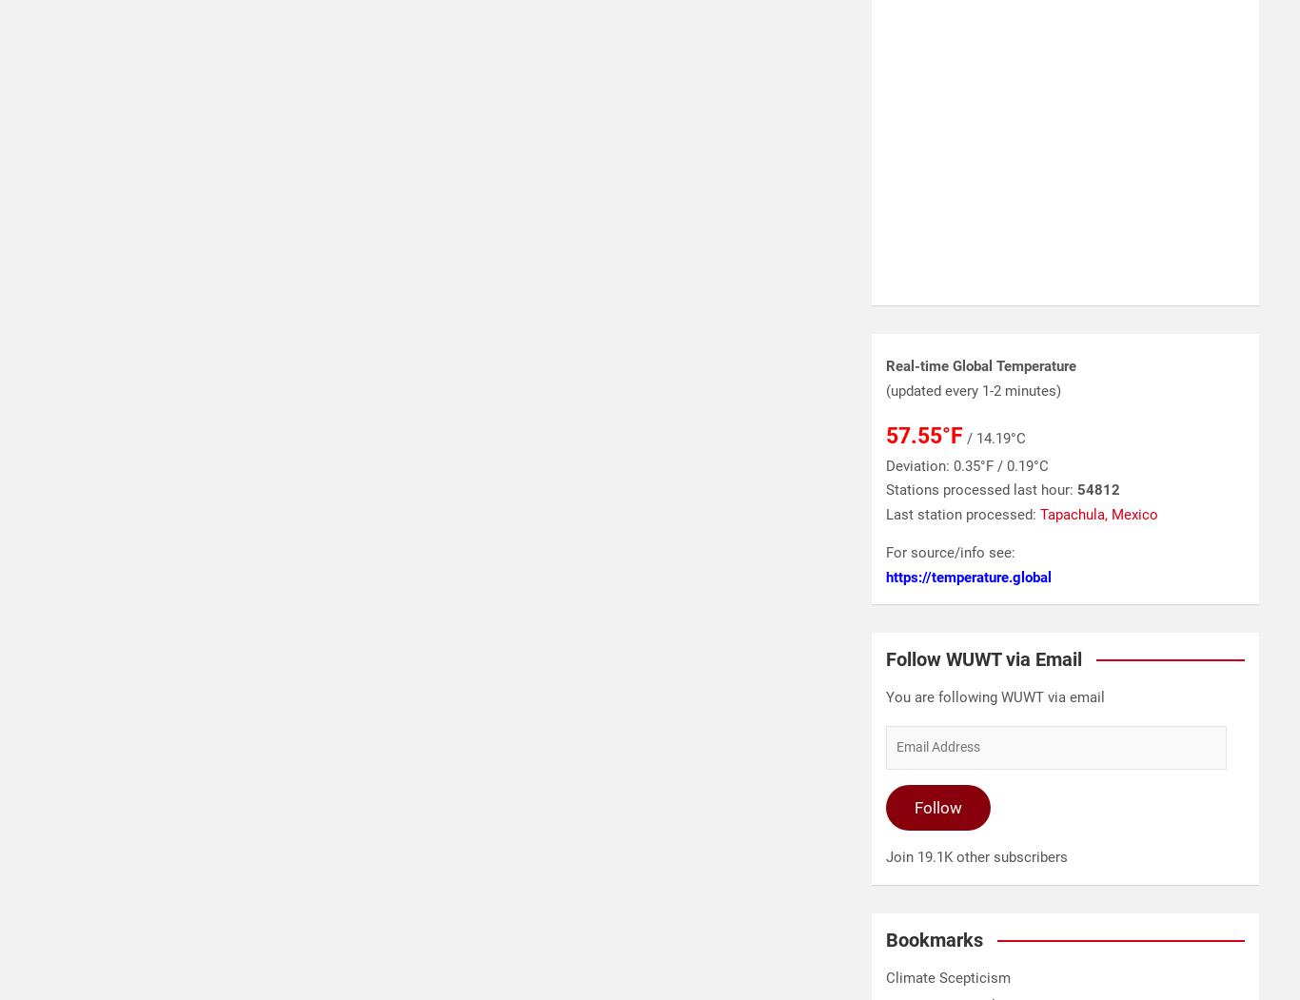  Describe the element at coordinates (1098, 513) in the screenshot. I see `'Tapachula, Mexico'` at that location.